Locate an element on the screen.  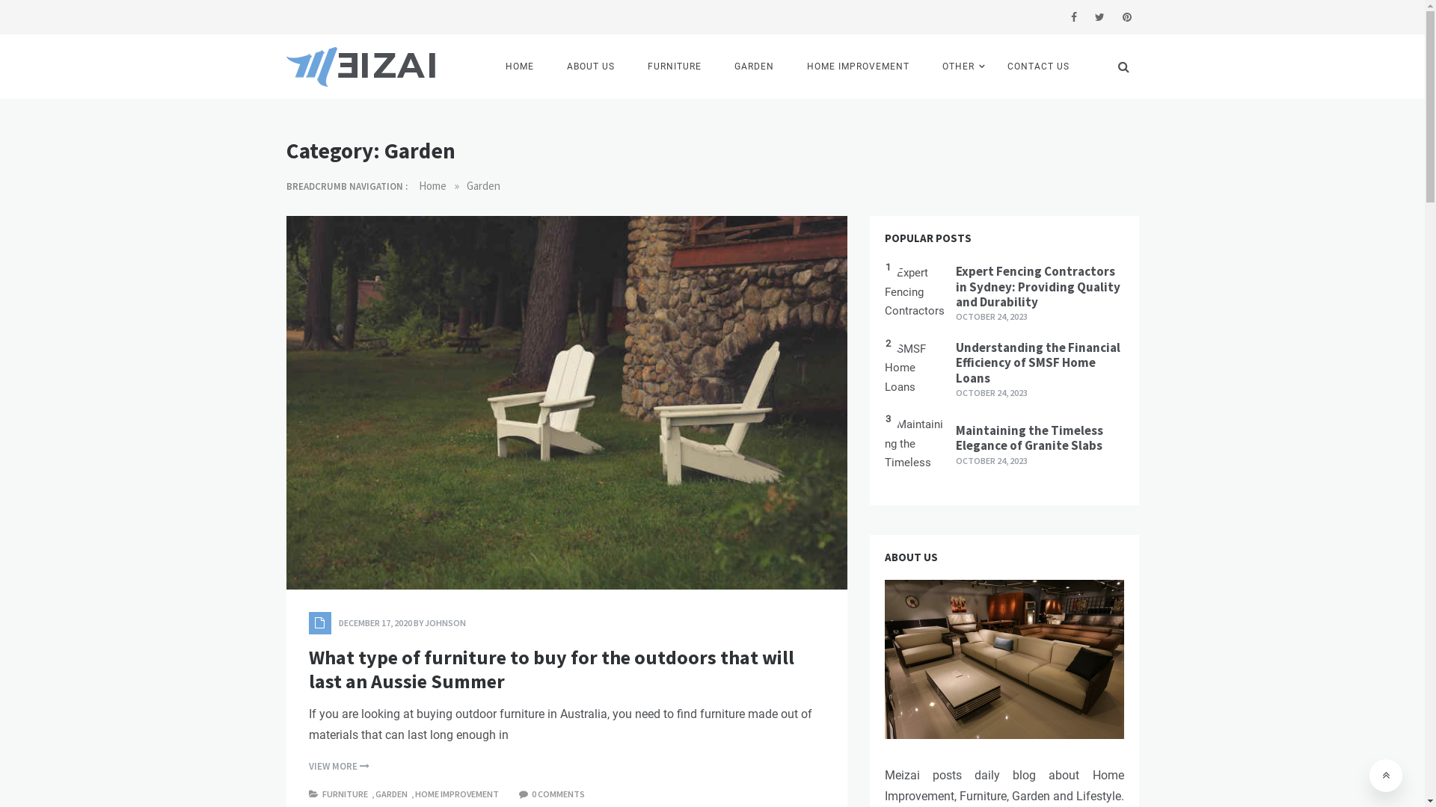
'HOME IMPROVEMENT' is located at coordinates (457, 793).